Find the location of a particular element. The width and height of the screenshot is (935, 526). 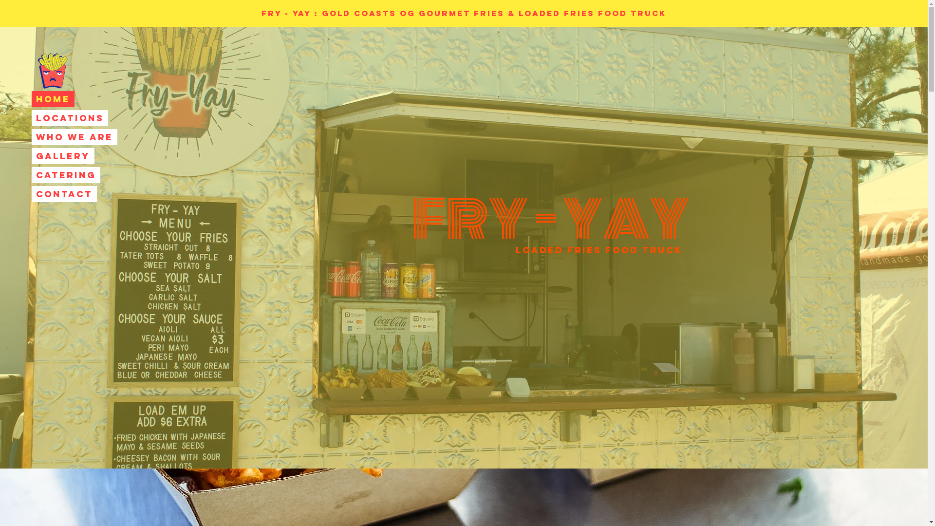

'Home' is located at coordinates (53, 99).